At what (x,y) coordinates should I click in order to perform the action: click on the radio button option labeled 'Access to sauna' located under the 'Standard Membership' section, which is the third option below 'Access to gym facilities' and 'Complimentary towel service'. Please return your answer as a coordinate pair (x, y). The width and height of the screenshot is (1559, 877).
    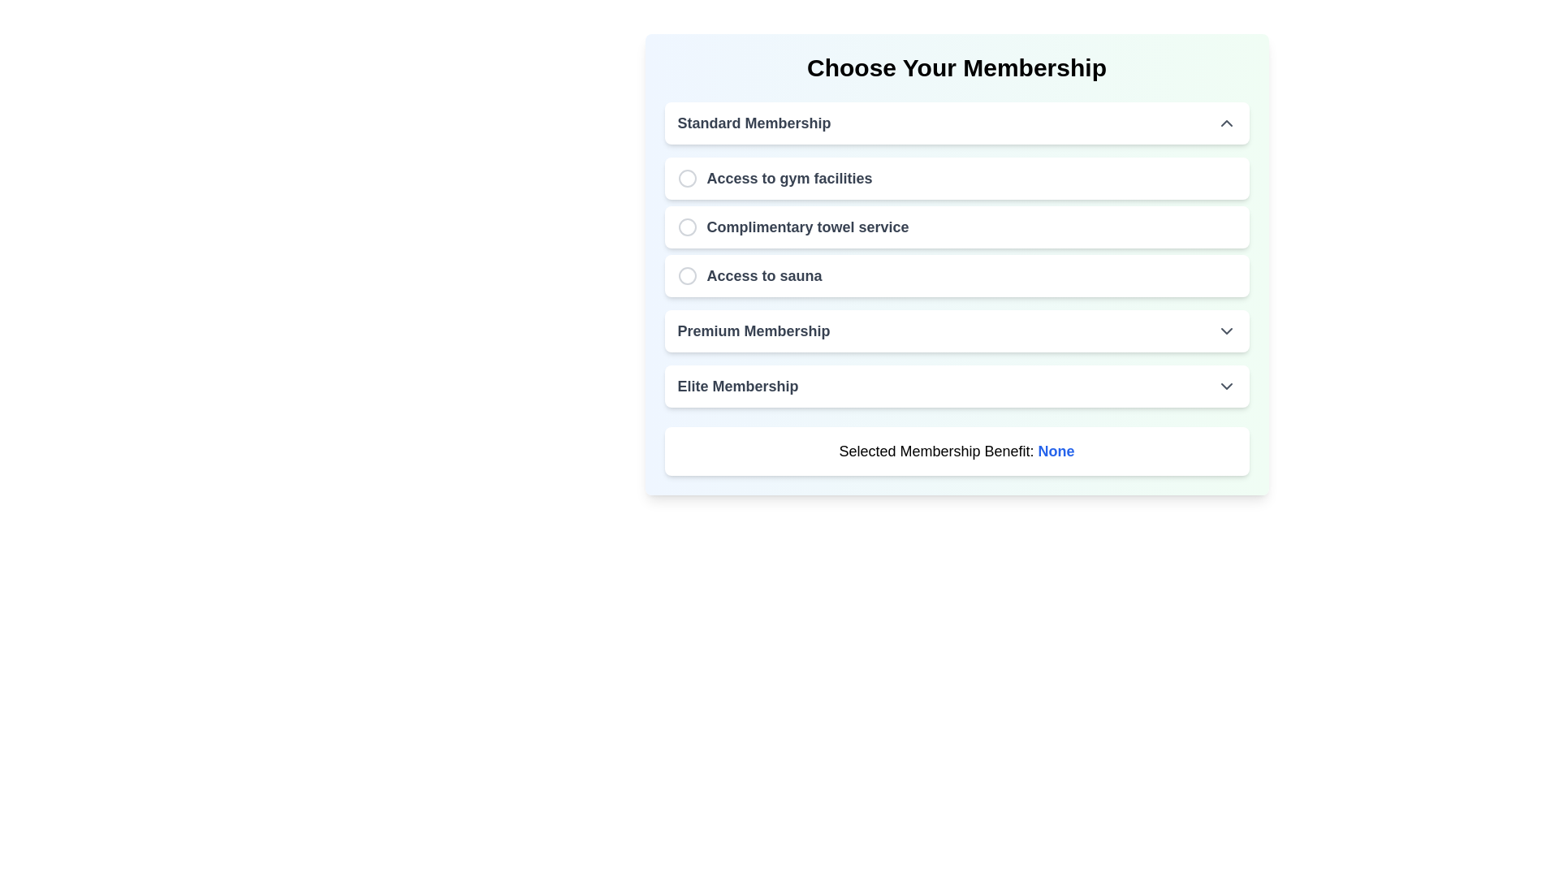
    Looking at the image, I should click on (957, 274).